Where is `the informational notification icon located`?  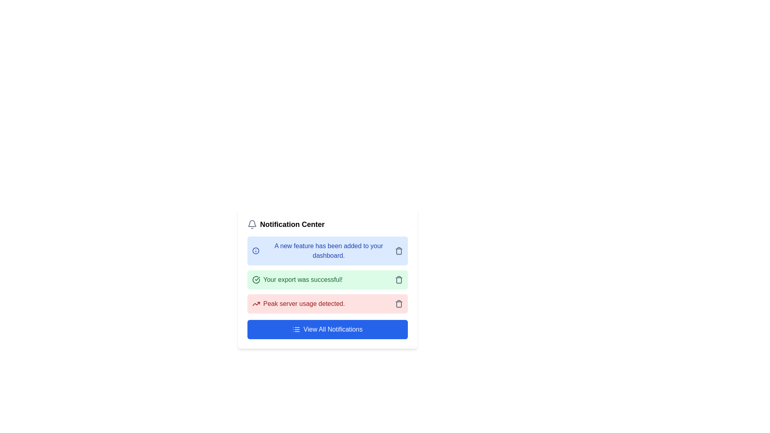 the informational notification icon located is located at coordinates (255, 250).